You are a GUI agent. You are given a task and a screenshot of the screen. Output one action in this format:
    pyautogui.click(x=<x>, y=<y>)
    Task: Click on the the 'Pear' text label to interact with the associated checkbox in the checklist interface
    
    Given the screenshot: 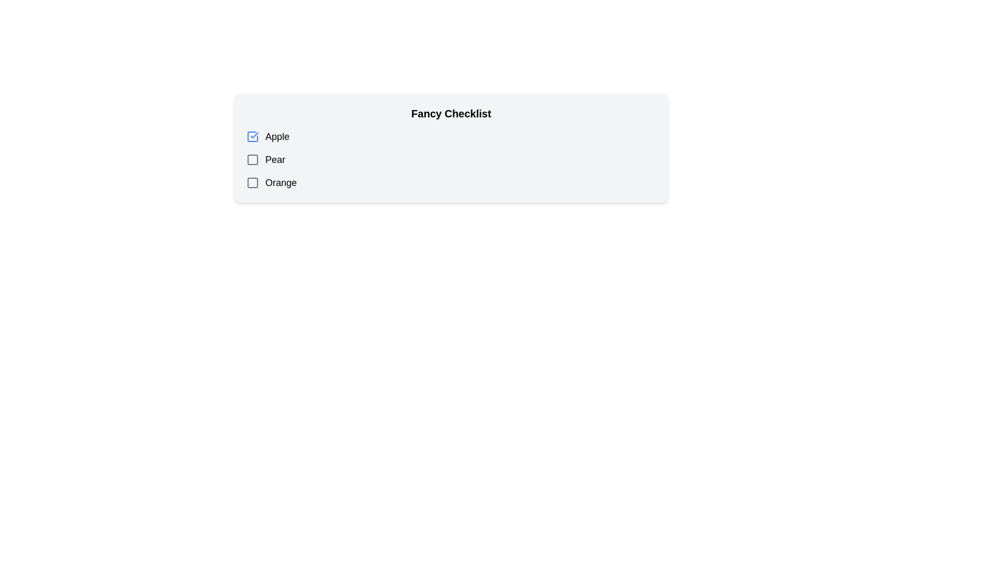 What is the action you would take?
    pyautogui.click(x=275, y=159)
    